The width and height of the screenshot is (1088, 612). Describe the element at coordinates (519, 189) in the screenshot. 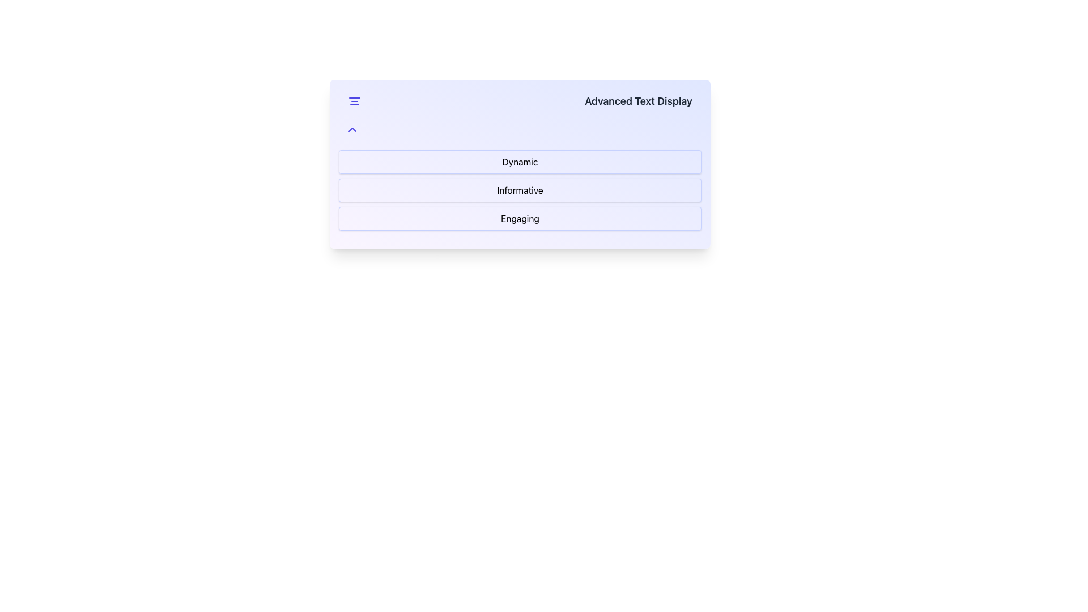

I see `the Static Label displaying 'Informative', which is the second element in a vertical arrangement of three siblings, located below the 'Dynamic' element and above the 'Engaging' element` at that location.